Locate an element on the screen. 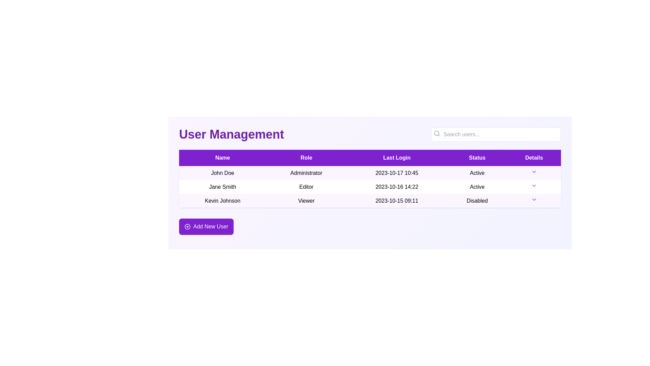  label of the 'Last Login' table header, which is styled with a purple background and white text, positioned in the third column of the table is located at coordinates (397, 158).